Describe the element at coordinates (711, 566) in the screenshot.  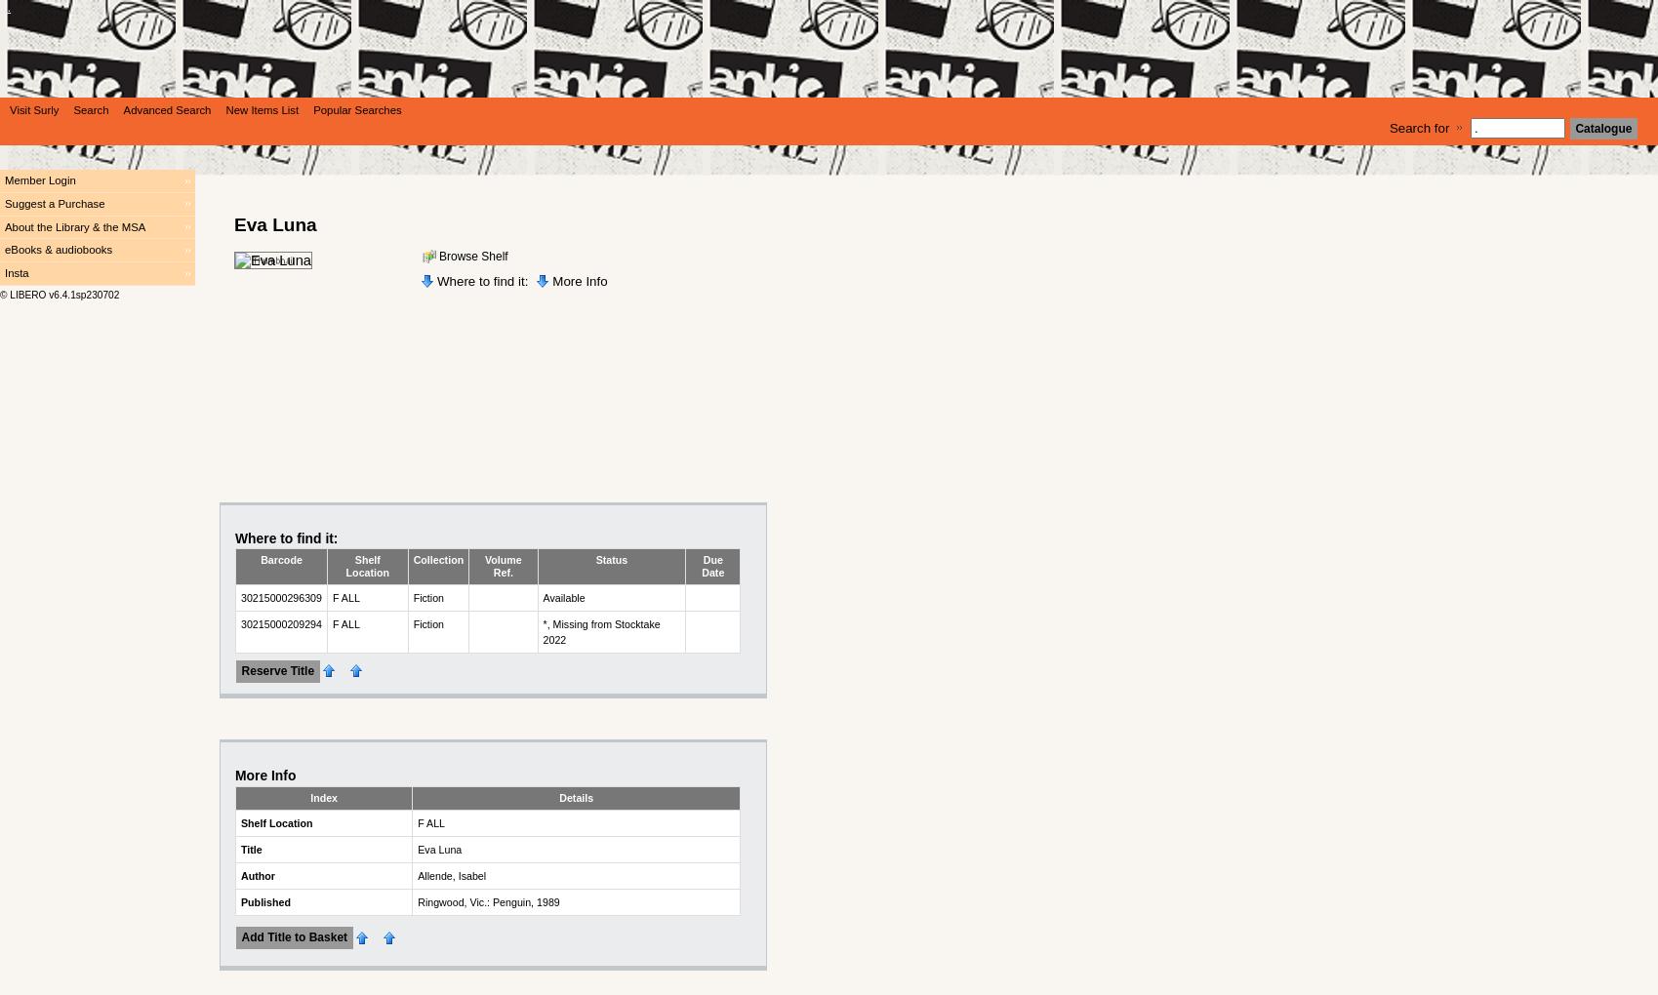
I see `'Due Date'` at that location.